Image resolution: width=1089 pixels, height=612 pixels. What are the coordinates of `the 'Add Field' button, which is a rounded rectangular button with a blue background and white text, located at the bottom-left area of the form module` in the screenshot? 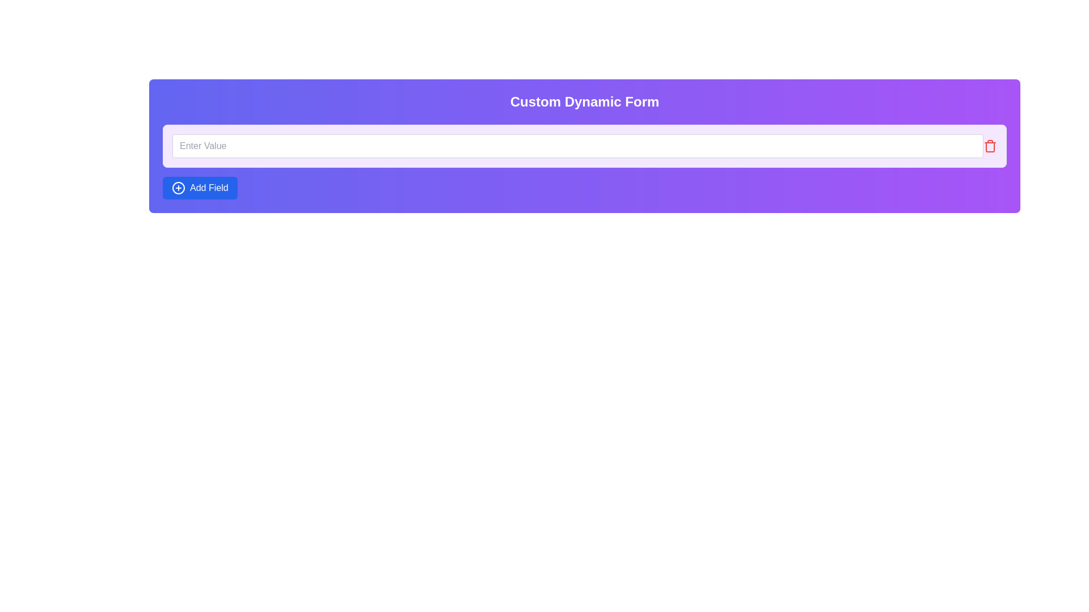 It's located at (209, 187).